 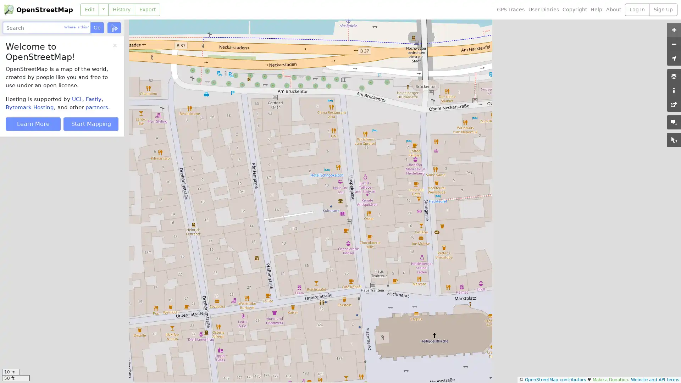 What do you see at coordinates (96, 27) in the screenshot?
I see `Go` at bounding box center [96, 27].